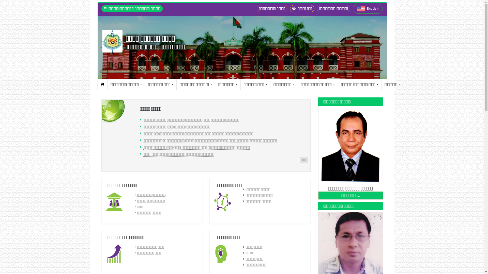  What do you see at coordinates (368, 9) in the screenshot?
I see `'English'` at bounding box center [368, 9].